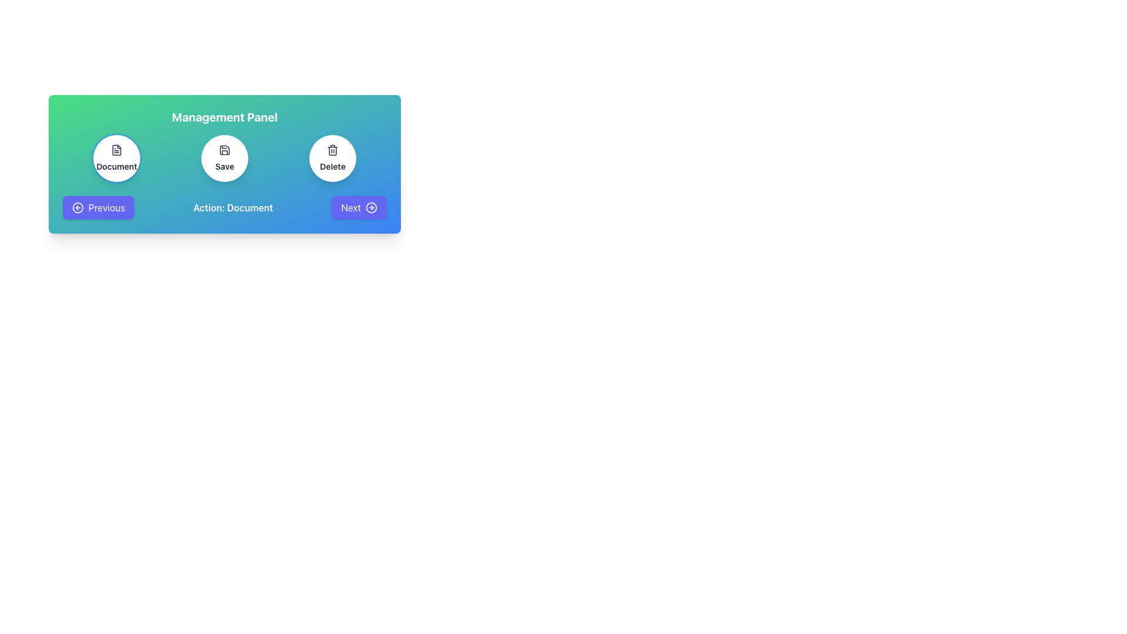  I want to click on the 'Previous' button which contains the visual indicator icon for backwards navigation located at the bottom-left corner of the panel, so click(77, 207).